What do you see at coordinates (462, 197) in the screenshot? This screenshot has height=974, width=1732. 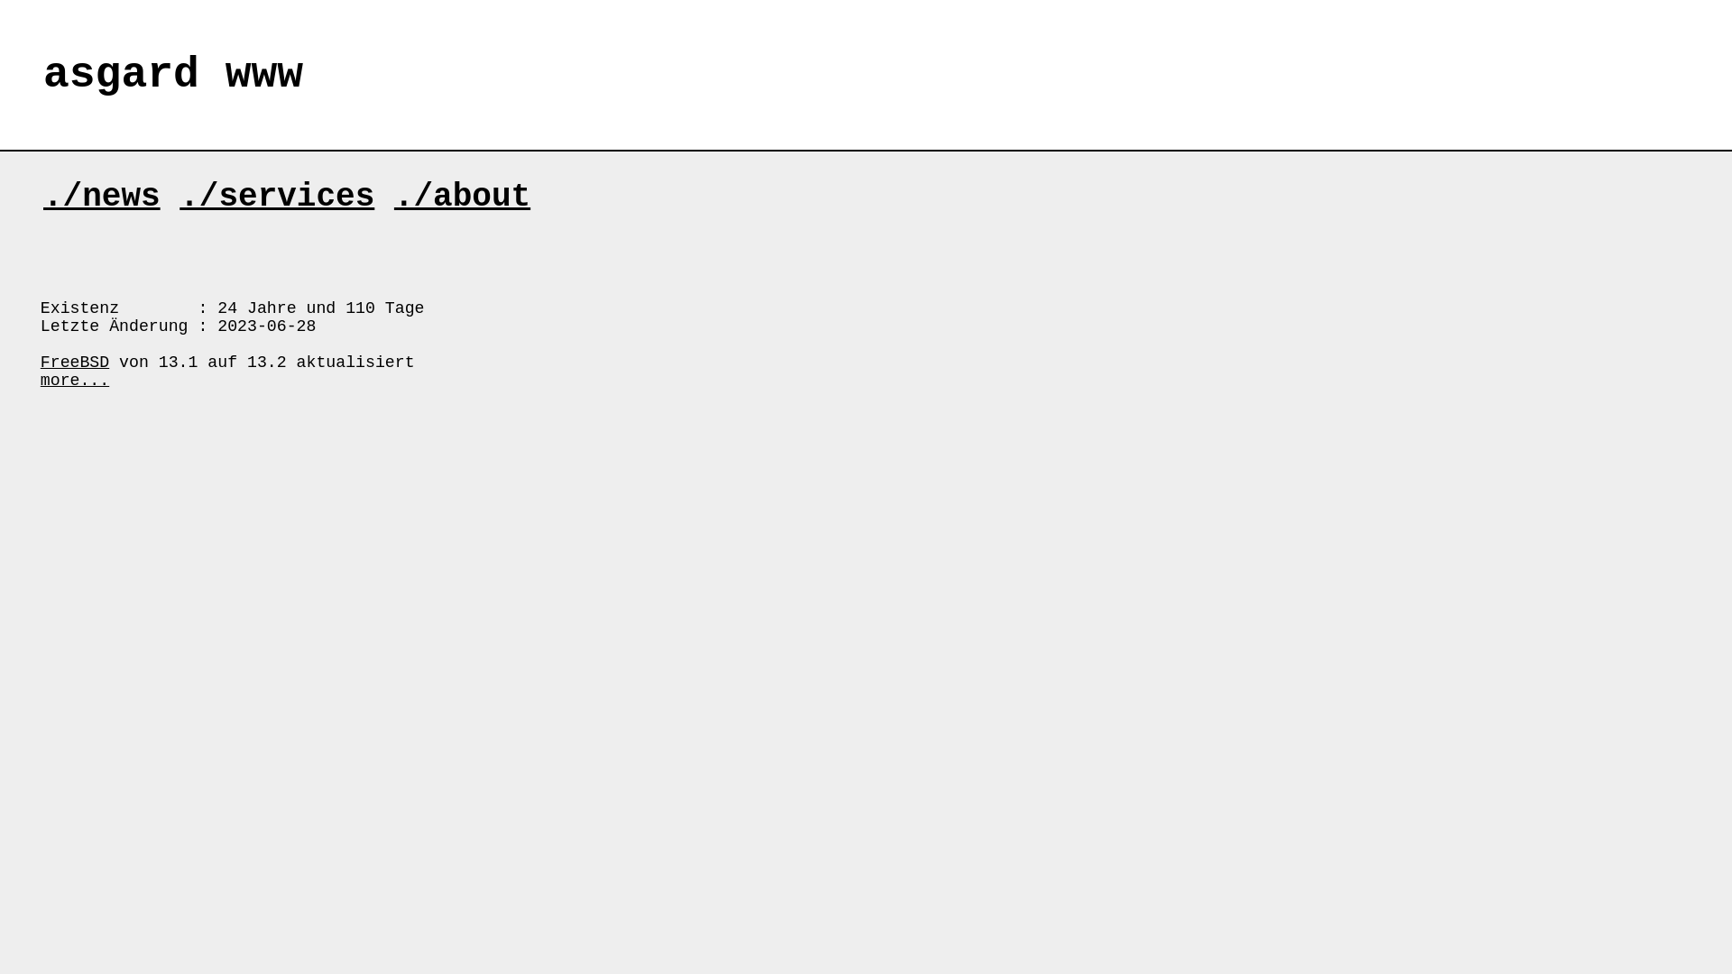 I see `'./about'` at bounding box center [462, 197].